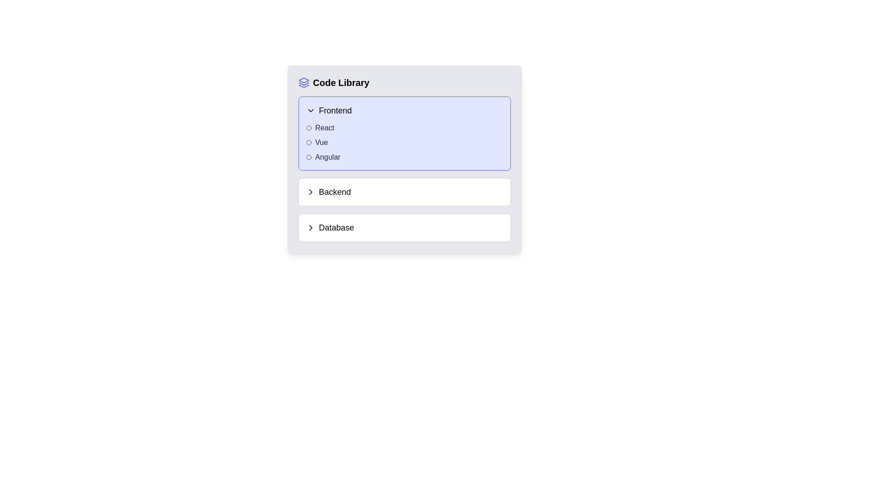 This screenshot has height=494, width=879. I want to click on the 'Database' expandable menu item, so click(404, 227).